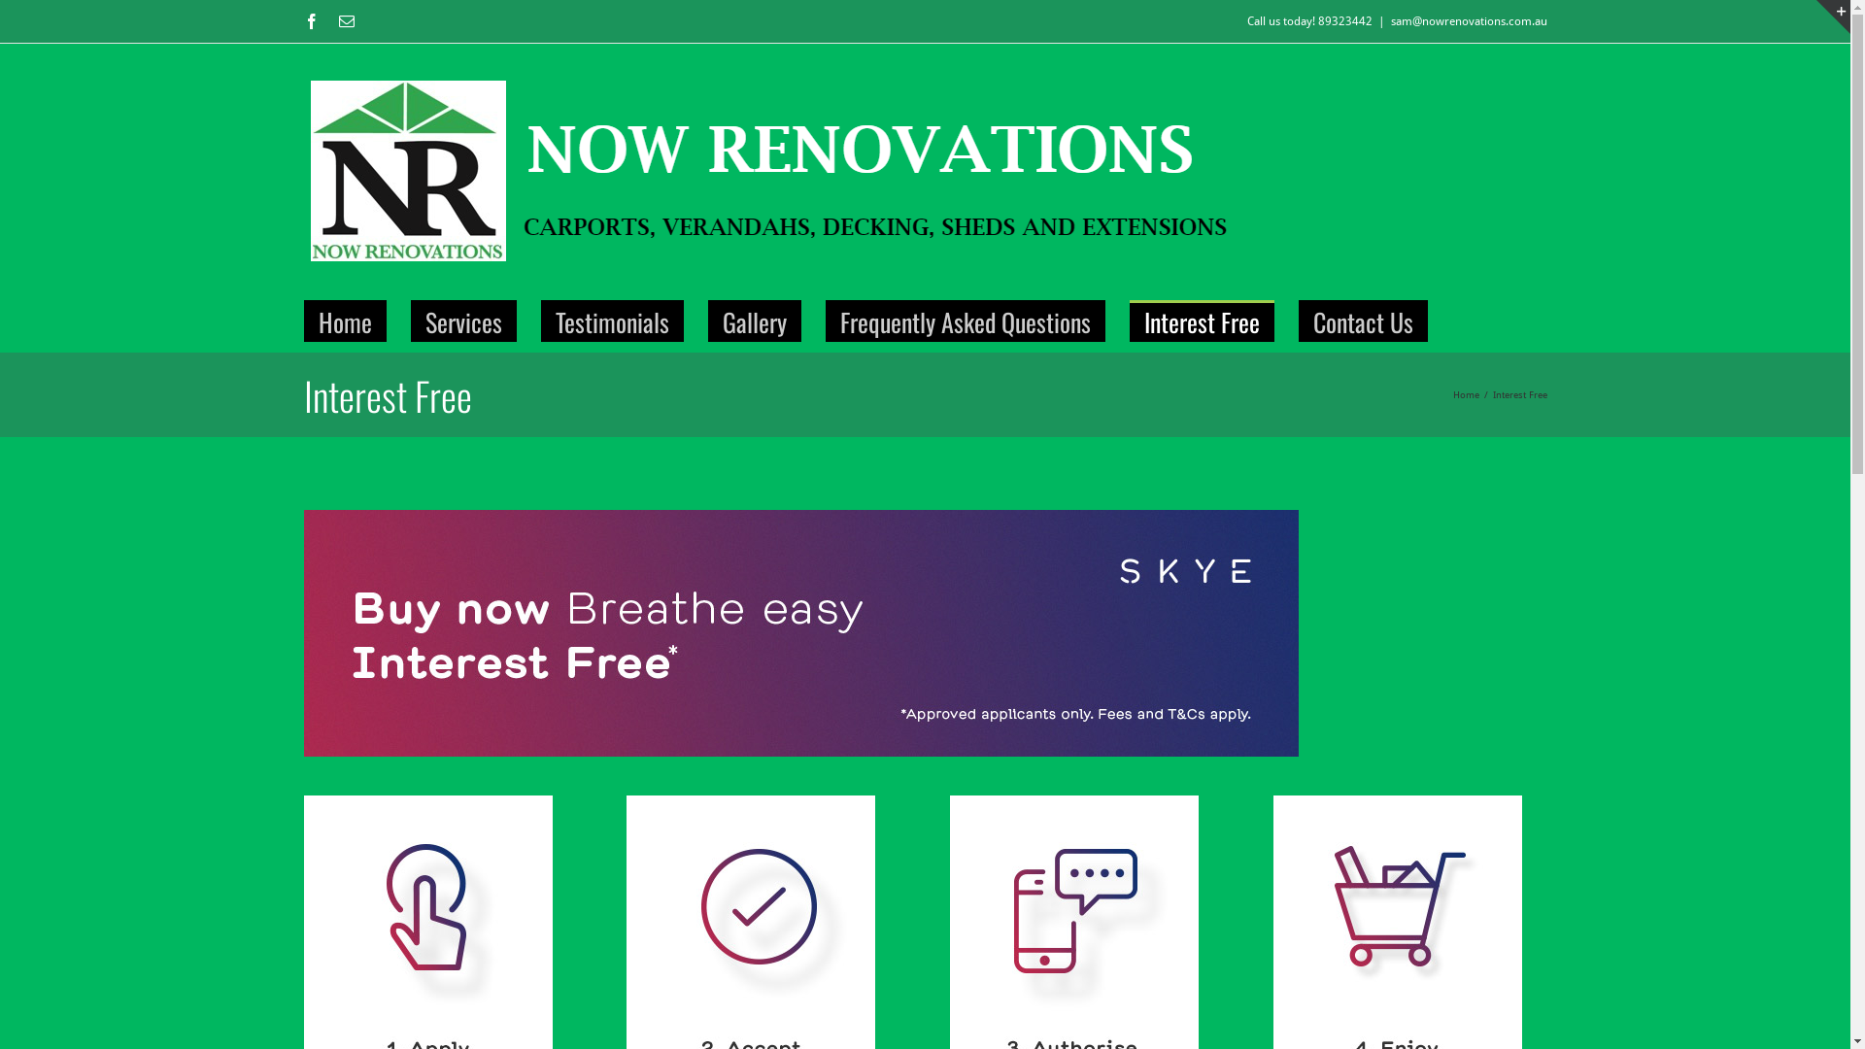 The height and width of the screenshot is (1049, 1865). What do you see at coordinates (753, 320) in the screenshot?
I see `'Gallery'` at bounding box center [753, 320].